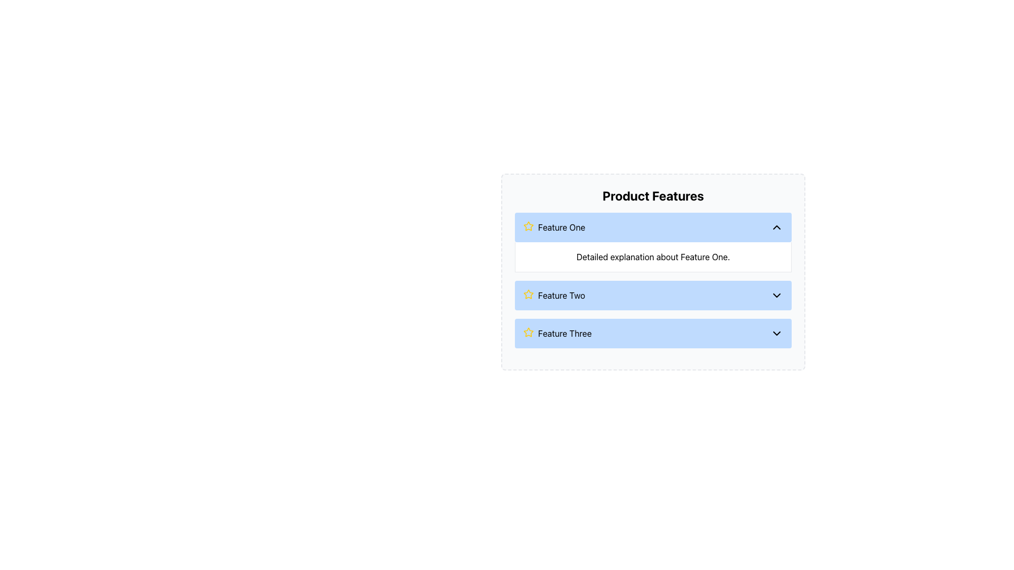 The height and width of the screenshot is (570, 1014). What do you see at coordinates (529, 225) in the screenshot?
I see `the yellow star-shaped icon with a hollow center located next to the text 'Feature One' in the product features list` at bounding box center [529, 225].